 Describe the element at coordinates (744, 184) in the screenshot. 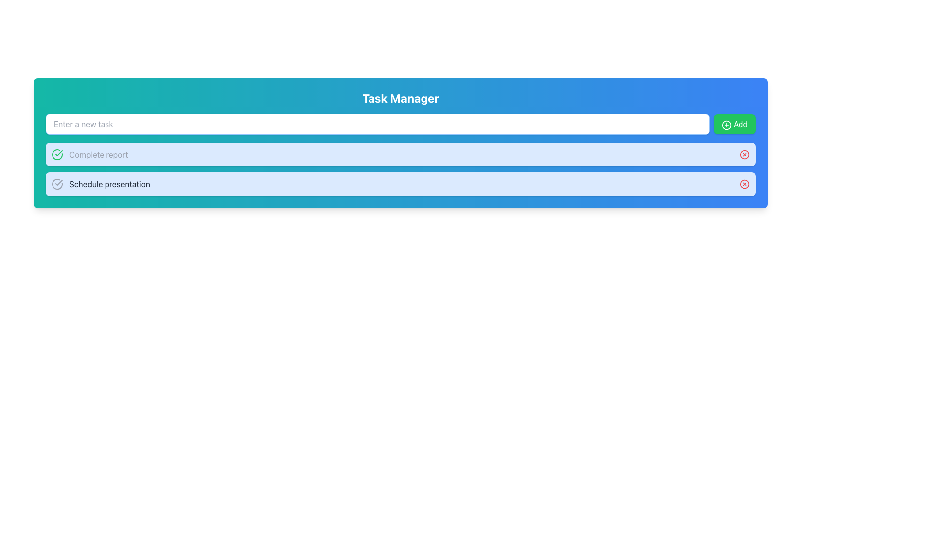

I see `the central circular icon styled with a stroke and no fill, located at the right end of the second row in the list layout` at that location.